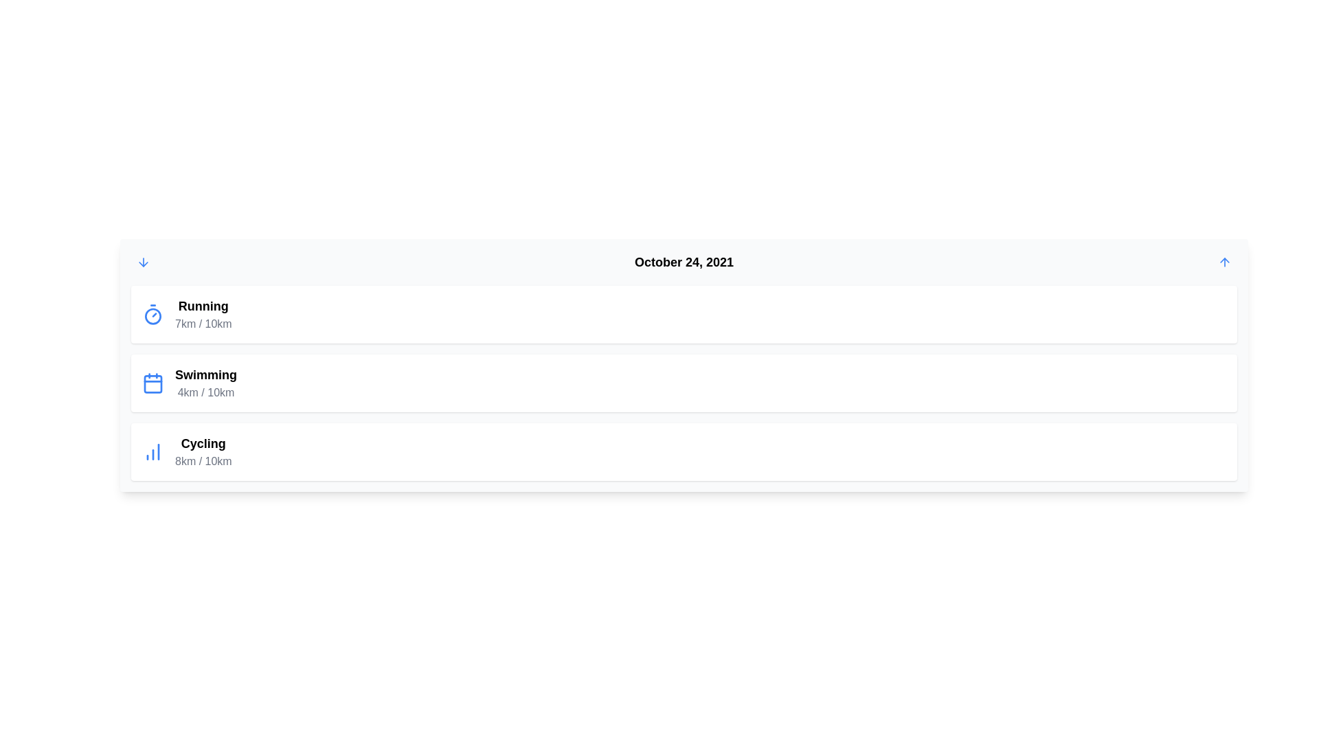 This screenshot has width=1319, height=742. What do you see at coordinates (153, 315) in the screenshot?
I see `the blue circular timer icon with a smaller white circle, located inside the first icon on the left of the 'Running' activity card at the top of the list of activities` at bounding box center [153, 315].